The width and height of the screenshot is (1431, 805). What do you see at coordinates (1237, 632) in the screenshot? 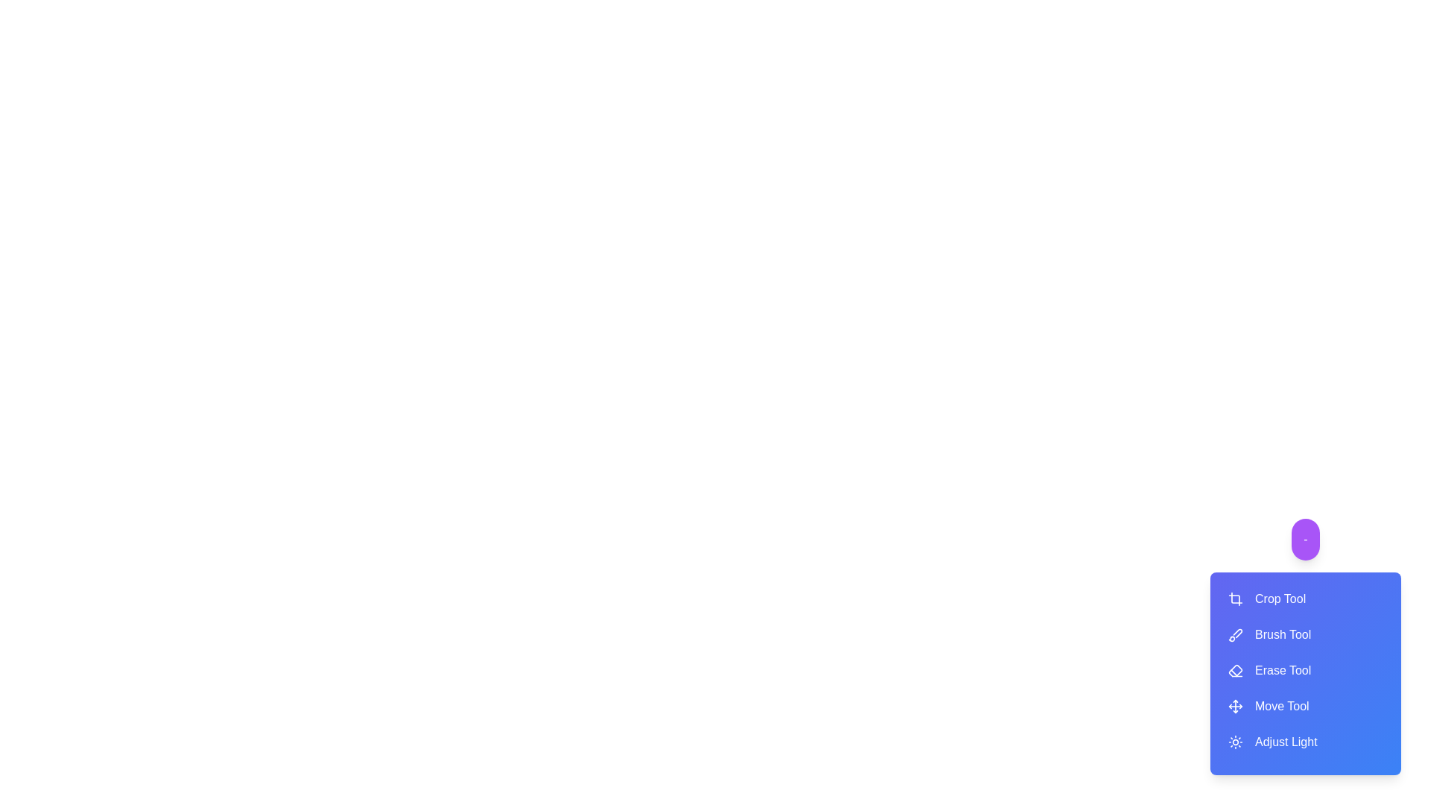
I see `the small brush-shaped icon` at bounding box center [1237, 632].